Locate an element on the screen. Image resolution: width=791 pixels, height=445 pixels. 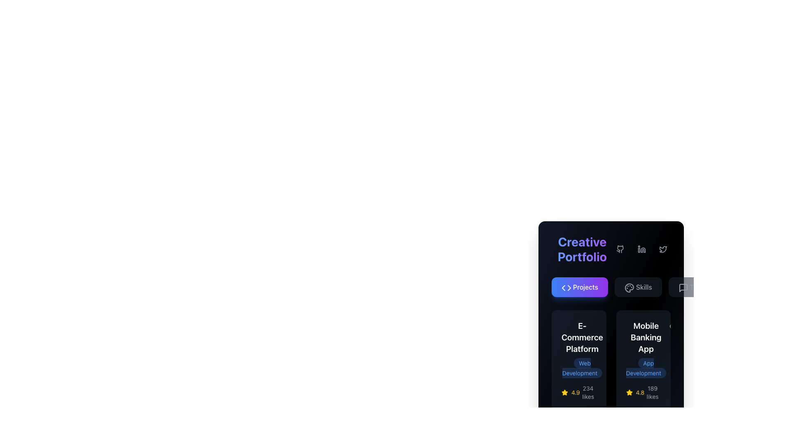
the minimalist bird-shaped icon in the top-right corner of the user interface is located at coordinates (663, 249).